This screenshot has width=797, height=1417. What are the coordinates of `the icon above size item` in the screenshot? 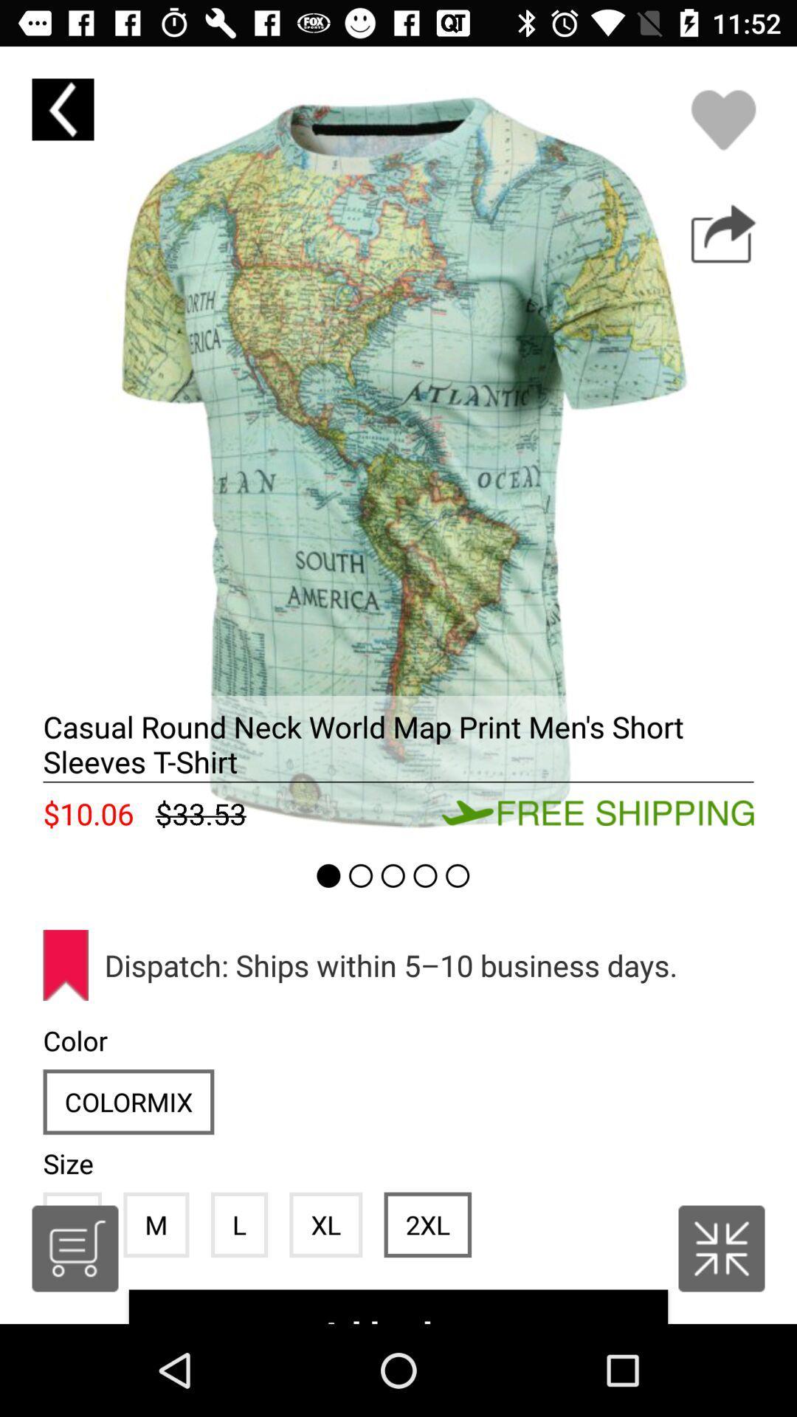 It's located at (128, 1102).